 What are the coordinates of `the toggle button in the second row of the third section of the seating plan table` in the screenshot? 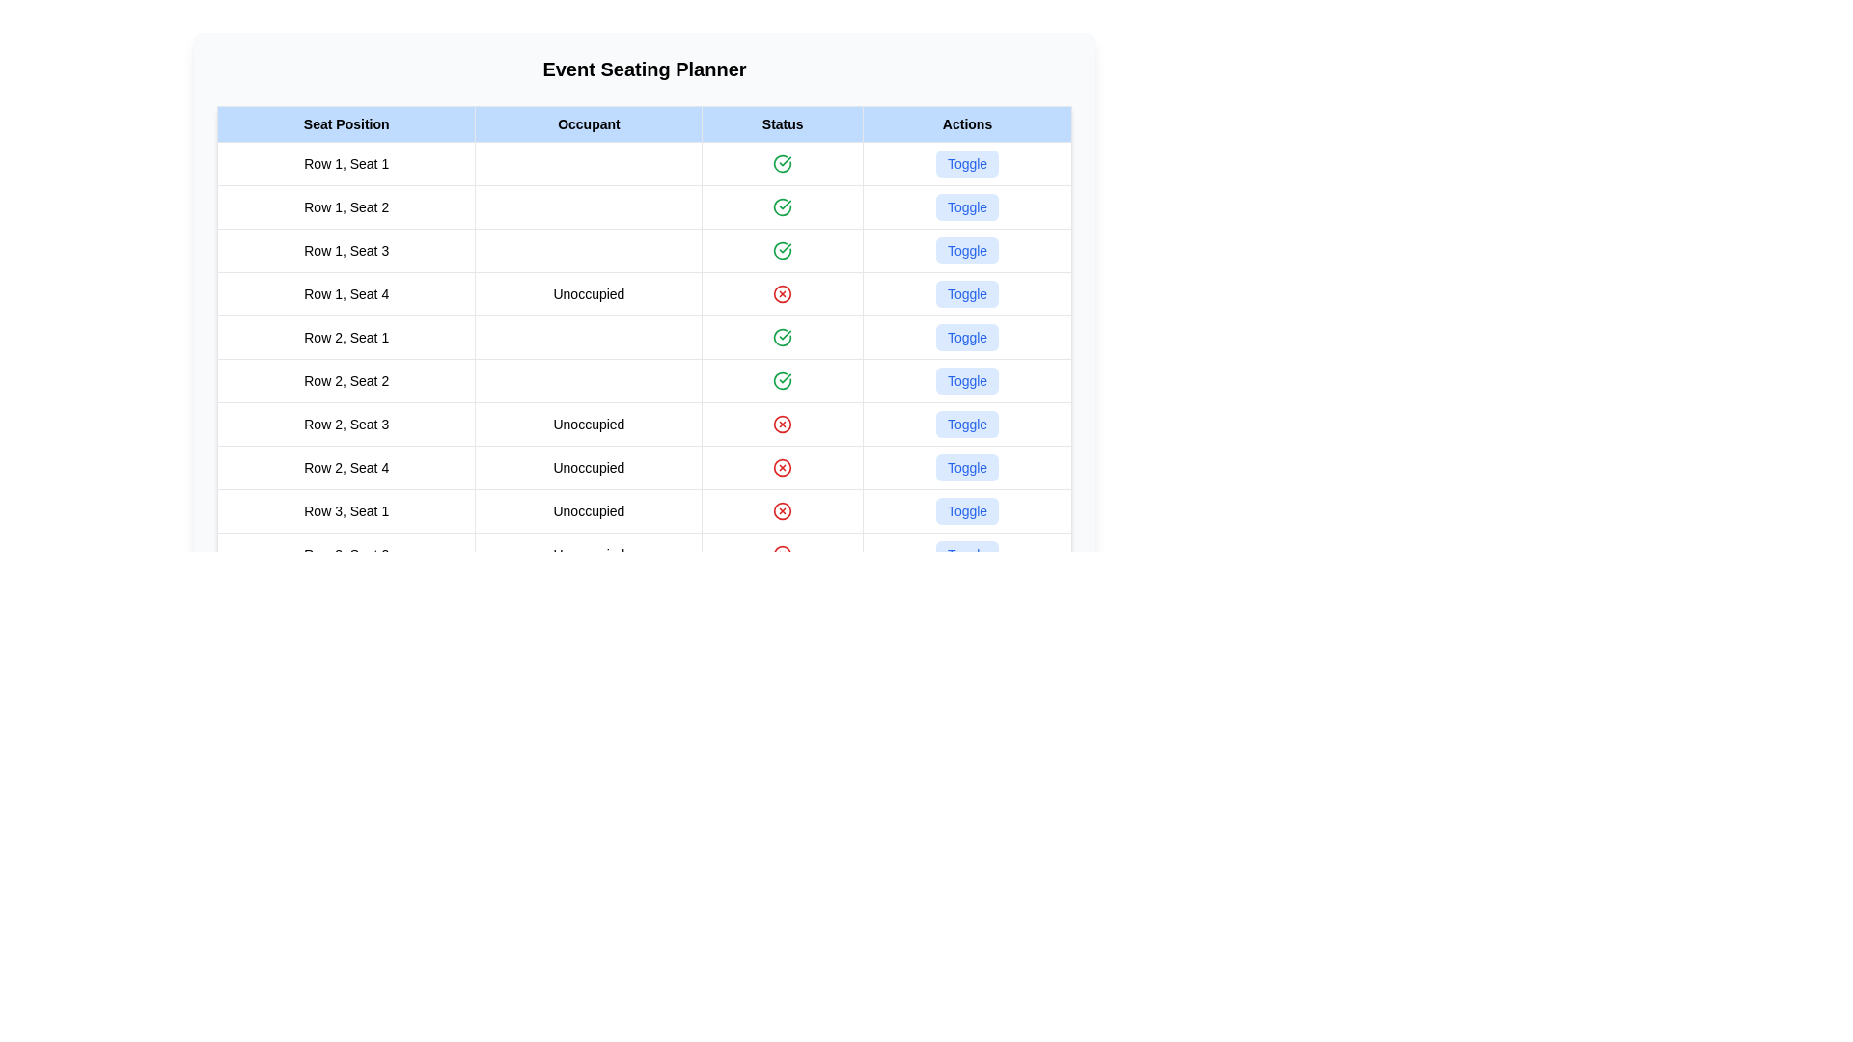 It's located at (644, 554).